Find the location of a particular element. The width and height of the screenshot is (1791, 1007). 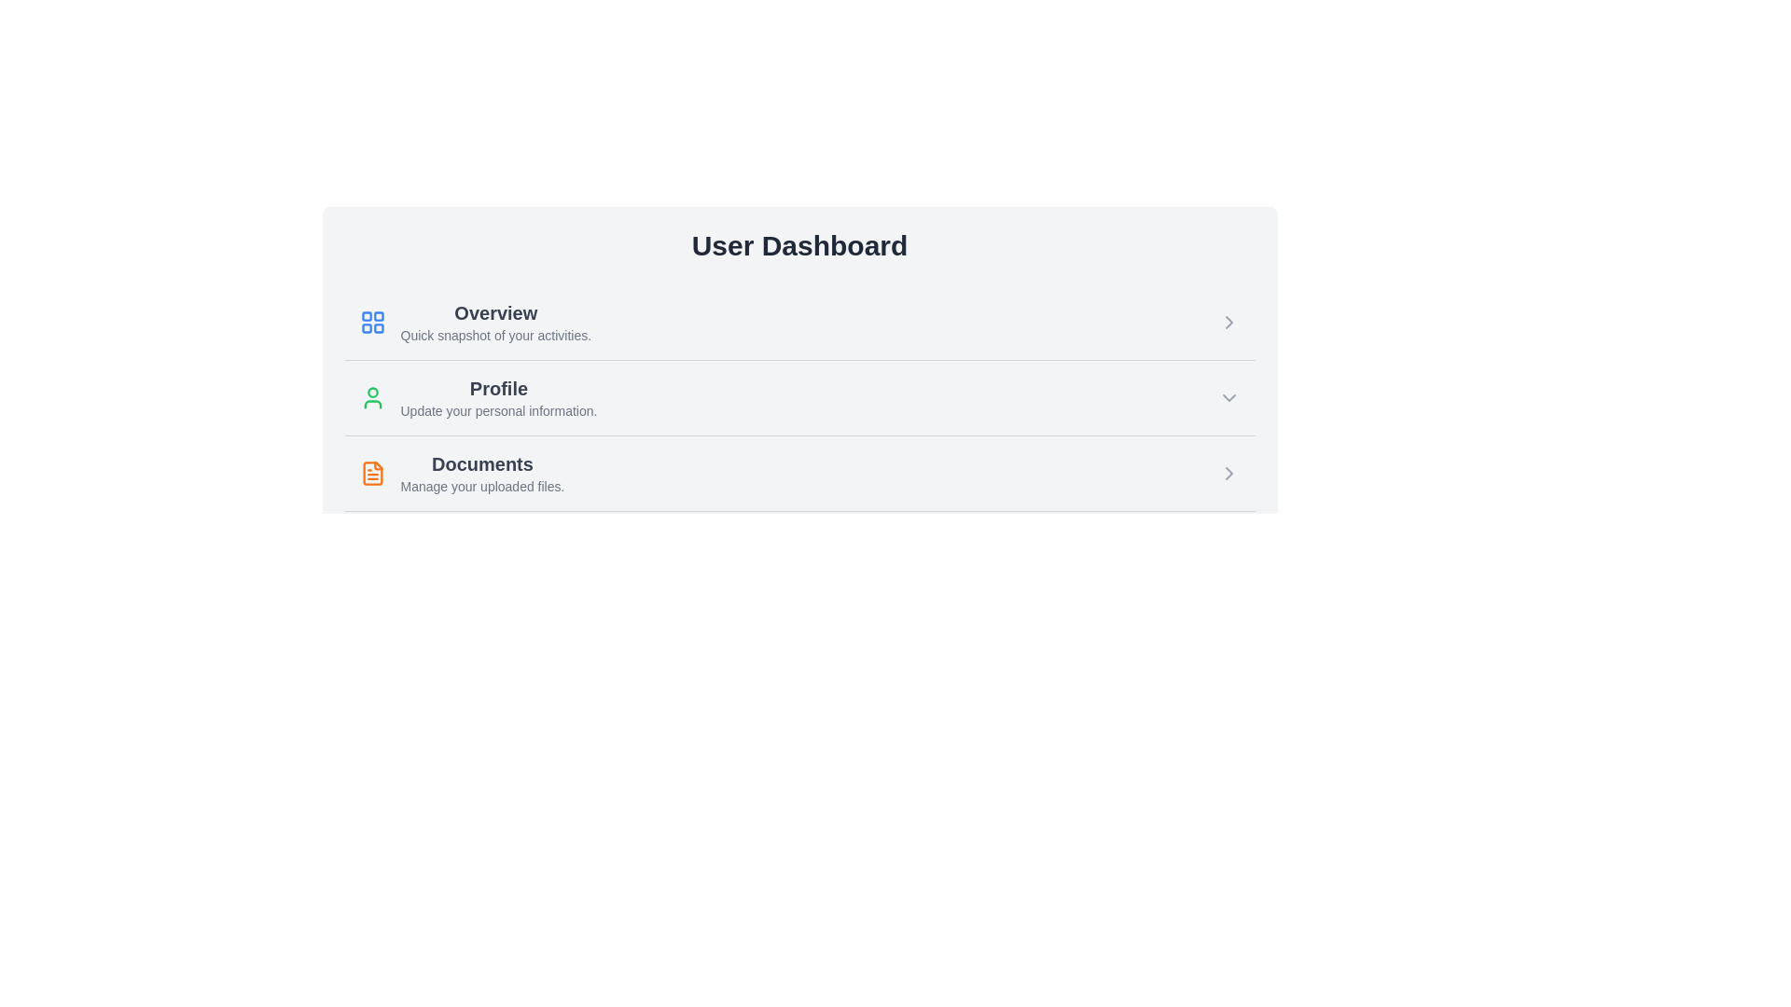

text from the header element located at the top center of the dashboard, summarizing the page's primary function is located at coordinates (799, 244).